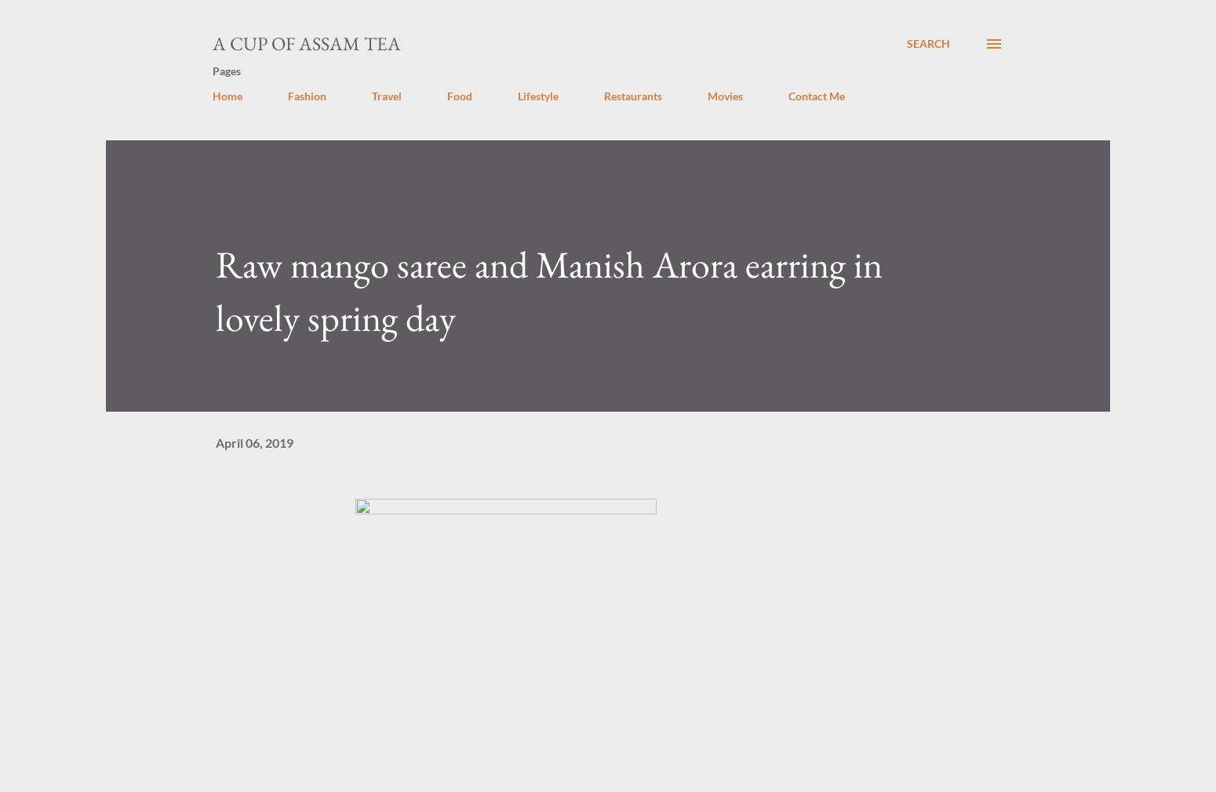 This screenshot has width=1216, height=792. I want to click on 'Pages', so click(227, 70).